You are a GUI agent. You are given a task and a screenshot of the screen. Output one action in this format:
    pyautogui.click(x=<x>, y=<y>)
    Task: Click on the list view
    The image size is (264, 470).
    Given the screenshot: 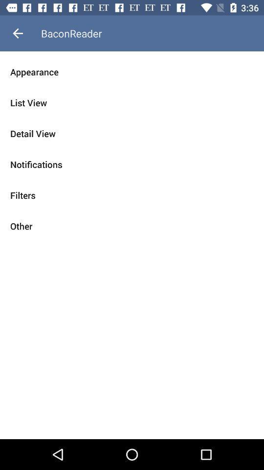 What is the action you would take?
    pyautogui.click(x=132, y=103)
    